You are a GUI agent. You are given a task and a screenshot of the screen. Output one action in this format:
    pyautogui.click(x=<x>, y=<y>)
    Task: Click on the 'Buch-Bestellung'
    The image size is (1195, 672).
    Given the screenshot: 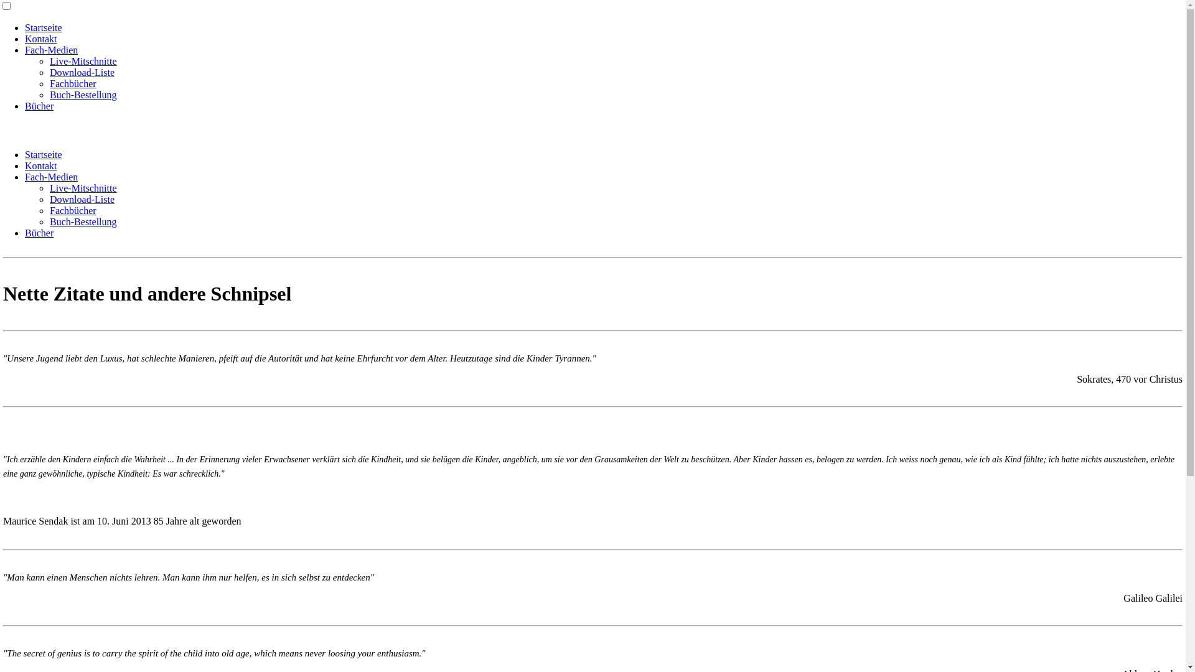 What is the action you would take?
    pyautogui.click(x=50, y=221)
    